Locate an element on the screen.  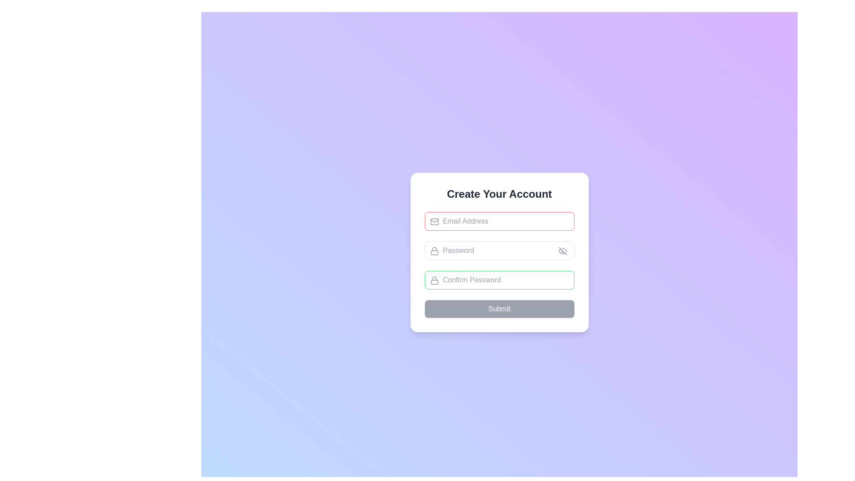
the password input field icon, which is located at the top left corner of the password input field, indicating secure information entry is located at coordinates (434, 251).